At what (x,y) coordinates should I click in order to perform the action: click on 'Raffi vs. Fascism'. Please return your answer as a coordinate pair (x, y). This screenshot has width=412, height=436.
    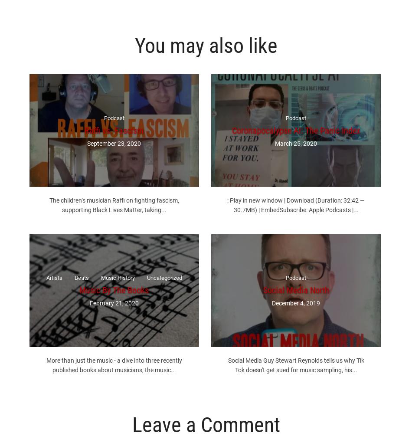
    Looking at the image, I should click on (113, 129).